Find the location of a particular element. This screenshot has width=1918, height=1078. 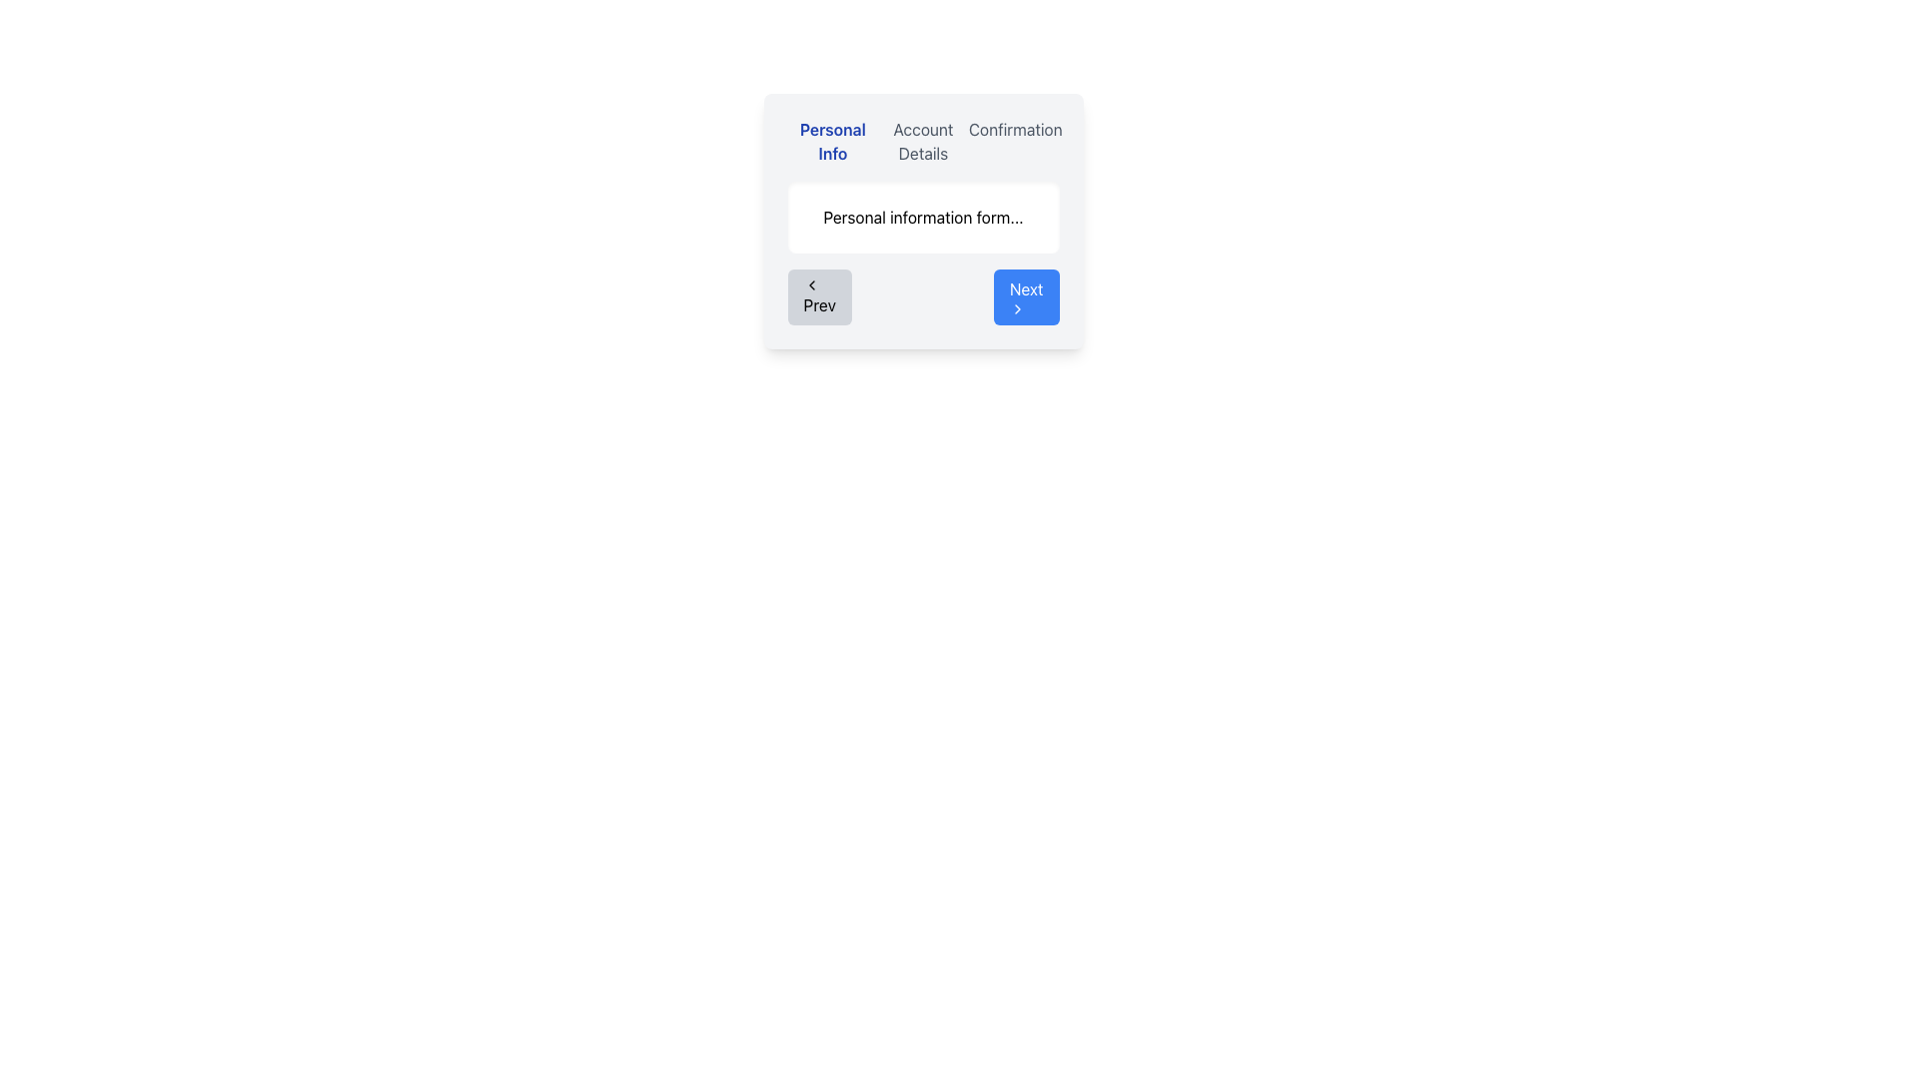

the forward navigation icon located within the 'Next' button, positioned to the right of the 'Next' label is located at coordinates (1017, 308).